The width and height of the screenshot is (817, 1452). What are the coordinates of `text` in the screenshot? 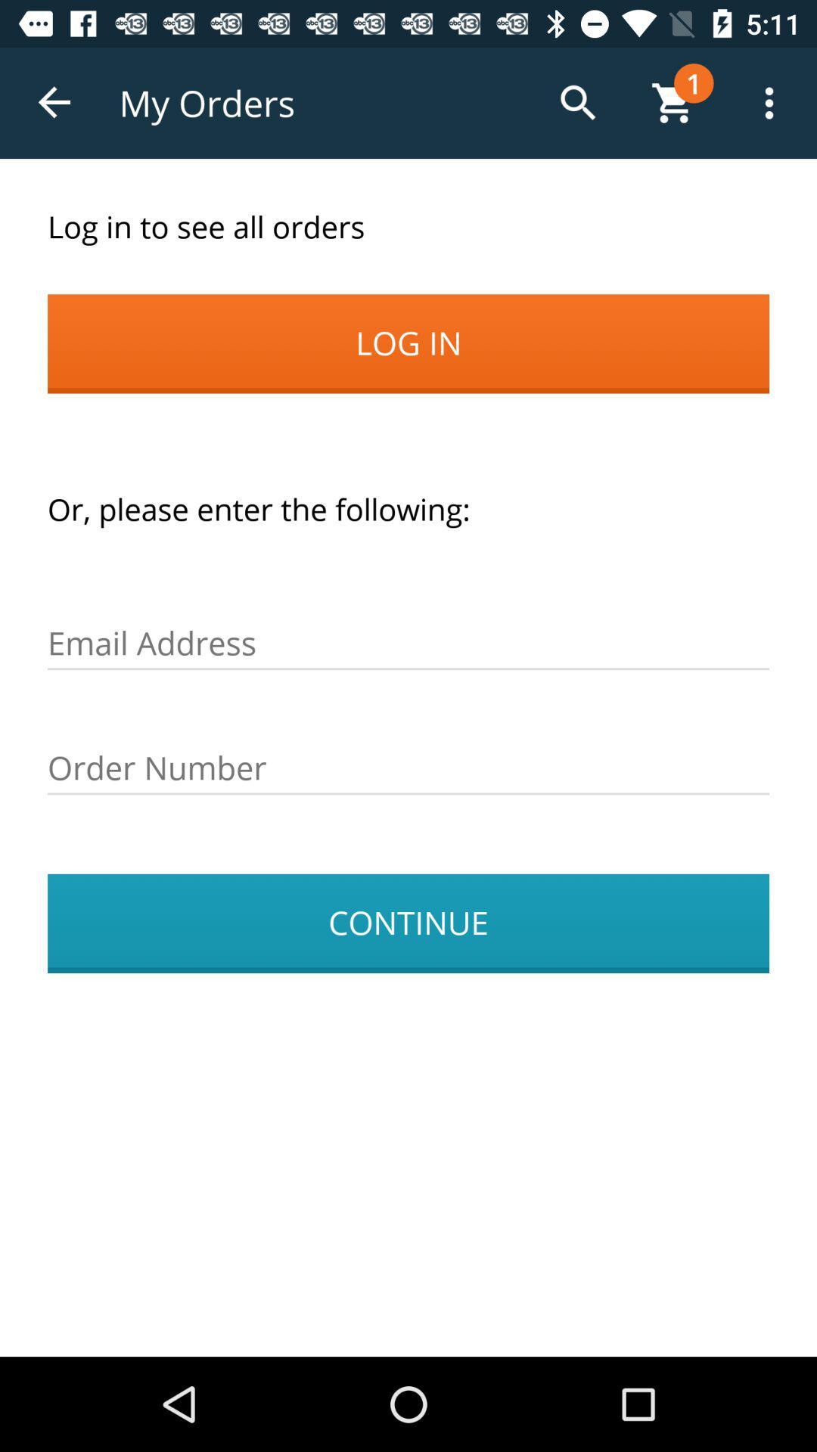 It's located at (408, 768).